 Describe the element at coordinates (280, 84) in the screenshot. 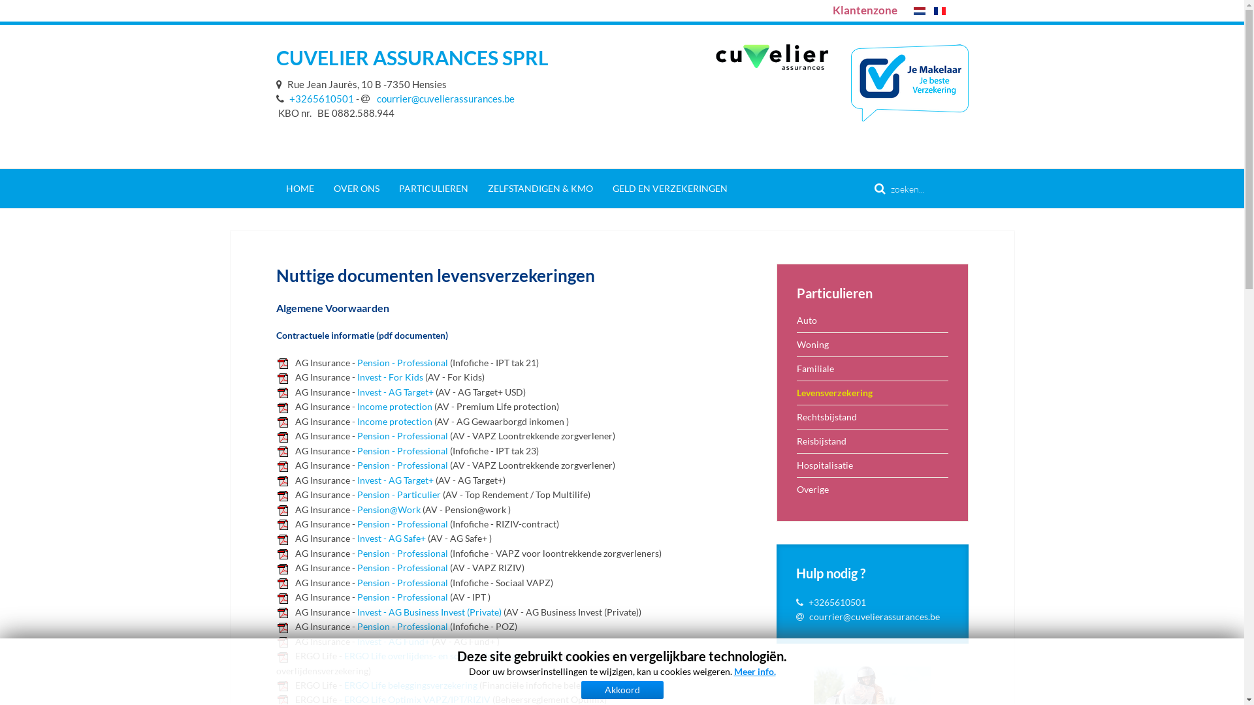

I see `'  '` at that location.